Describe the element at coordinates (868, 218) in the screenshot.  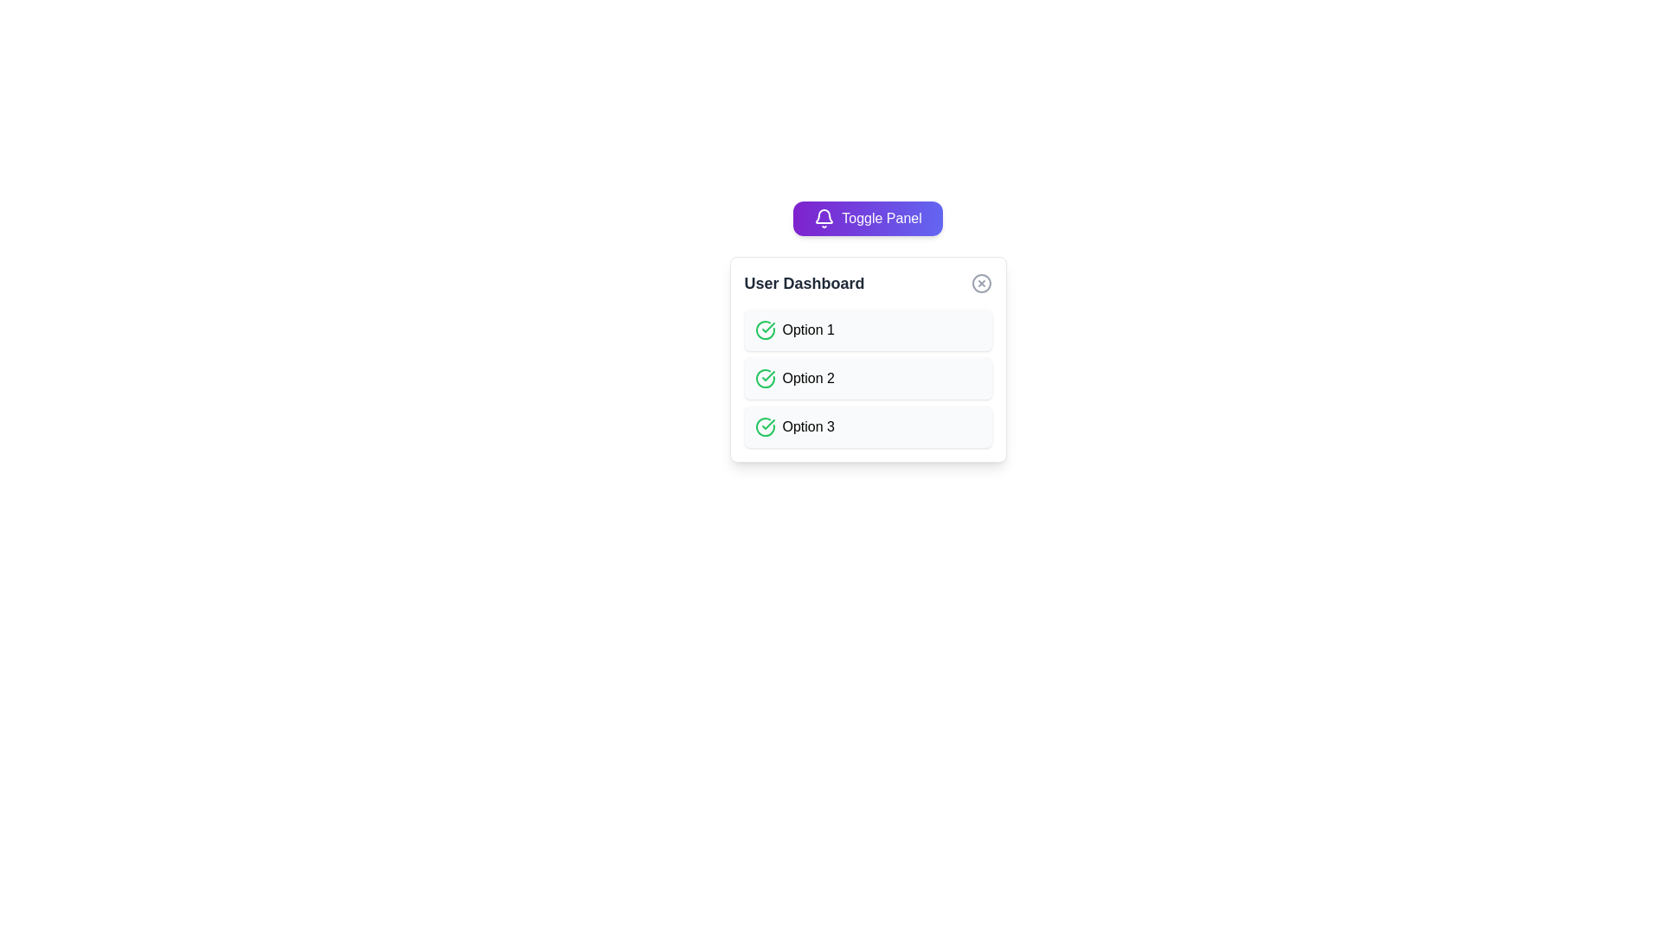
I see `the 'Toggle Panel' button, which has a gradient background from purple to indigo, white text, and a bell icon on the left` at that location.